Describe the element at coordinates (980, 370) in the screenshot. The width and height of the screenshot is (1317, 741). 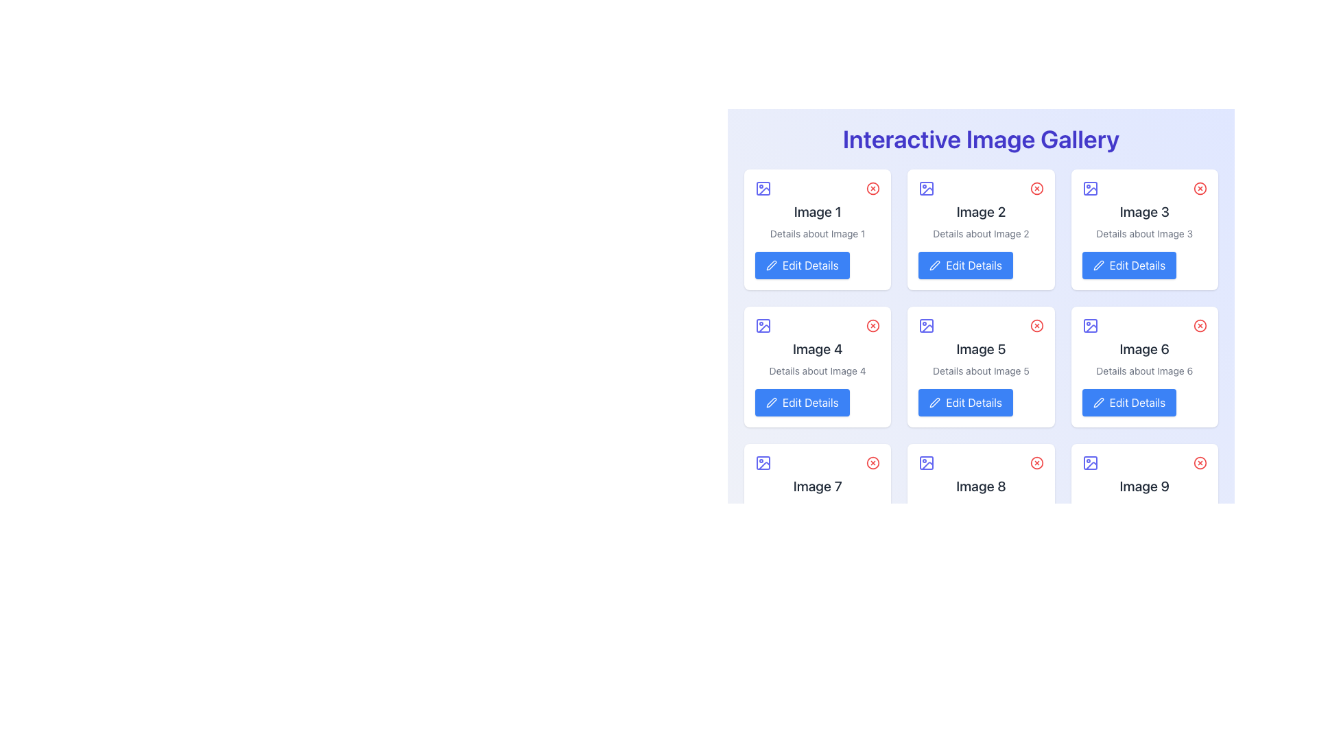
I see `the static text element displaying 'Details about Image 5', which is styled in gray and positioned below the title 'Image 5' and above the 'Edit Details' button` at that location.